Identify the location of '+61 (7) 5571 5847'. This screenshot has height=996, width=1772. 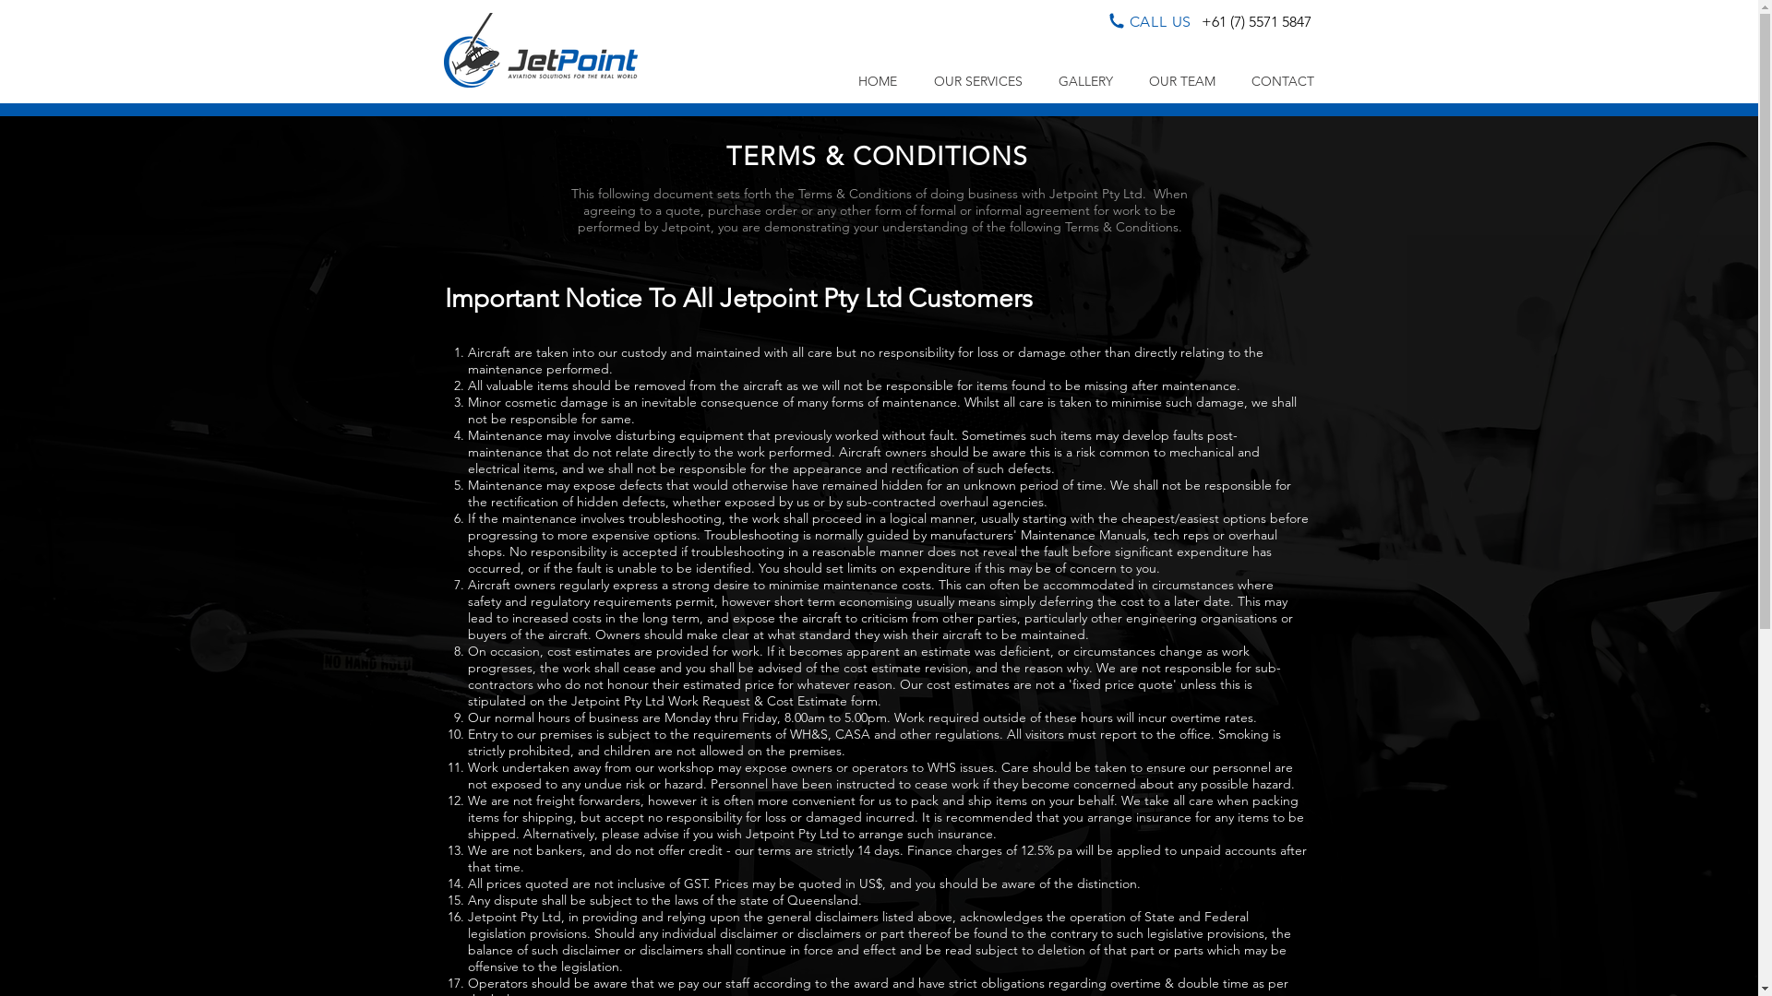
(1201, 21).